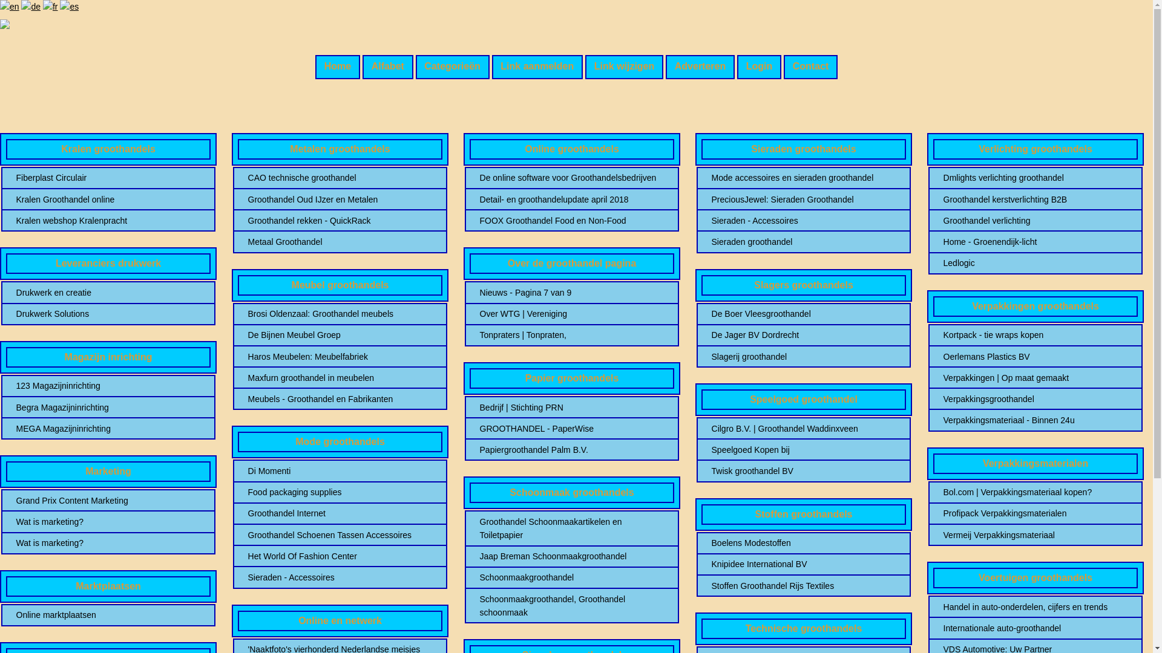  I want to click on 'Verpakkingen | Op maat gemaakt', so click(943, 377).